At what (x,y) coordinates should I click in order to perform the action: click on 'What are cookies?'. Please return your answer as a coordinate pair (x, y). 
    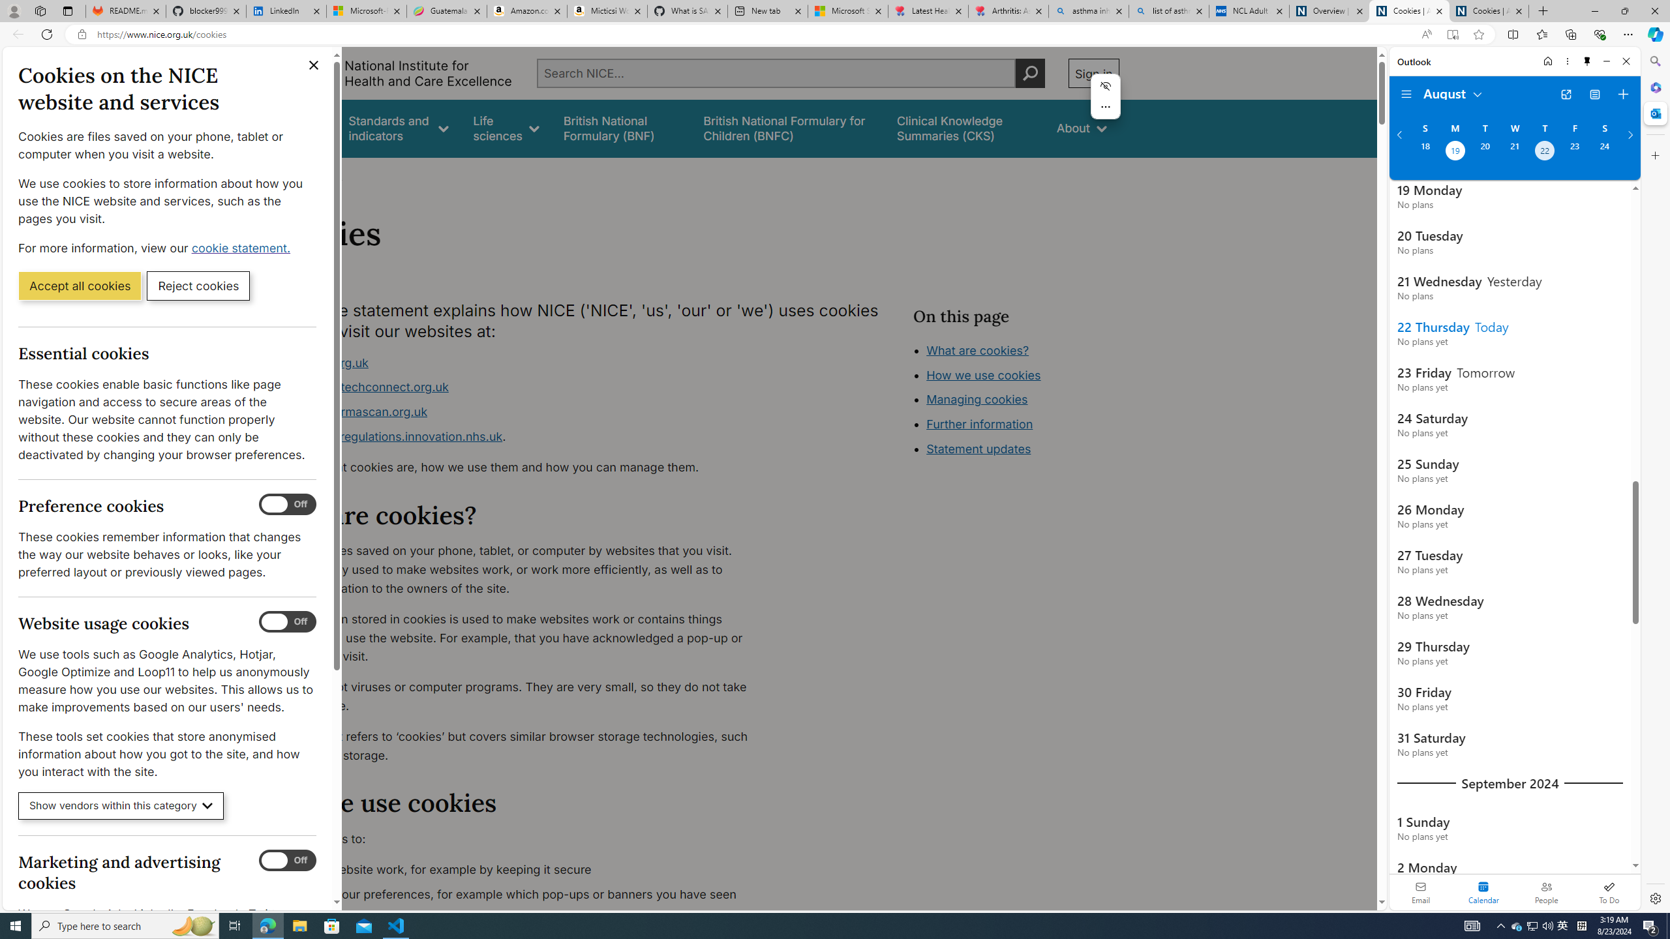
    Looking at the image, I should click on (977, 350).